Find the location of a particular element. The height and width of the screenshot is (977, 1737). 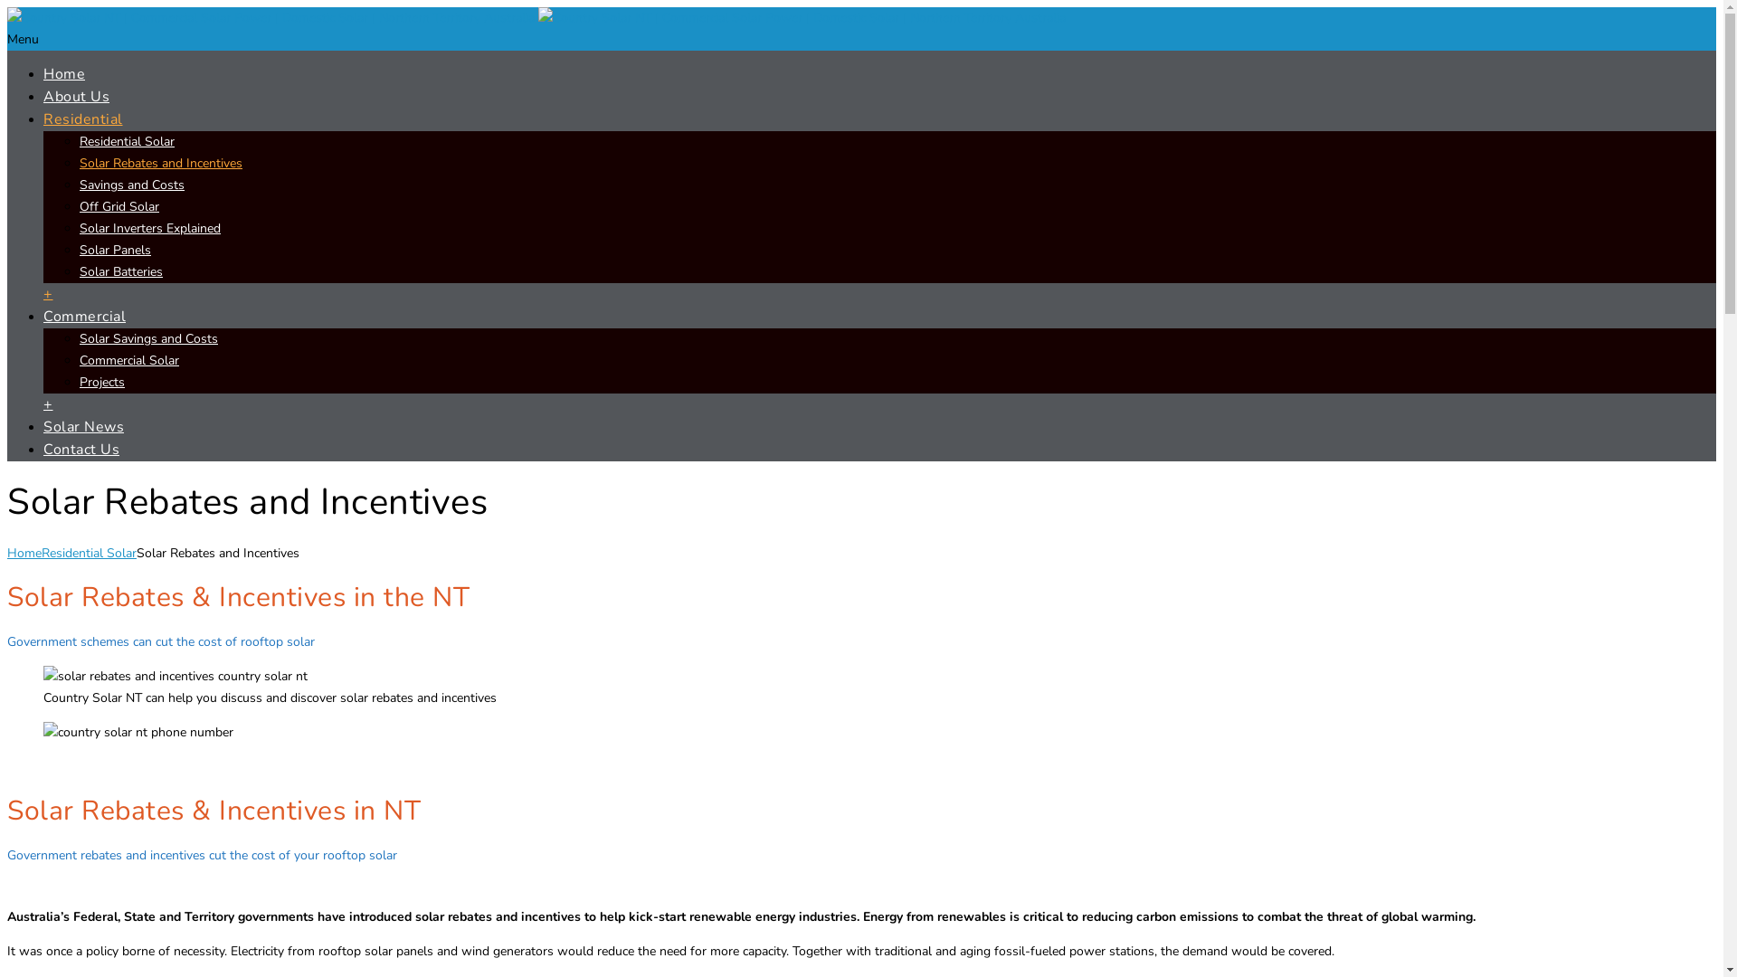

'Home' is located at coordinates (43, 72).